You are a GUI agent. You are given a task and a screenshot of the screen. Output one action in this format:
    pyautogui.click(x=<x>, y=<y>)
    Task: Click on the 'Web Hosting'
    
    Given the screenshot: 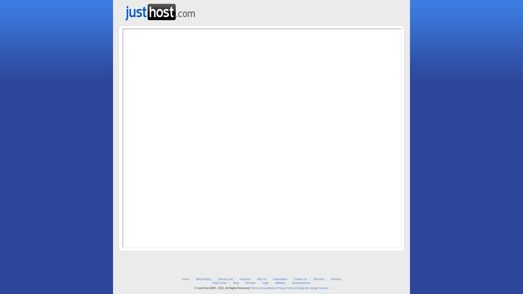 What is the action you would take?
    pyautogui.click(x=203, y=279)
    